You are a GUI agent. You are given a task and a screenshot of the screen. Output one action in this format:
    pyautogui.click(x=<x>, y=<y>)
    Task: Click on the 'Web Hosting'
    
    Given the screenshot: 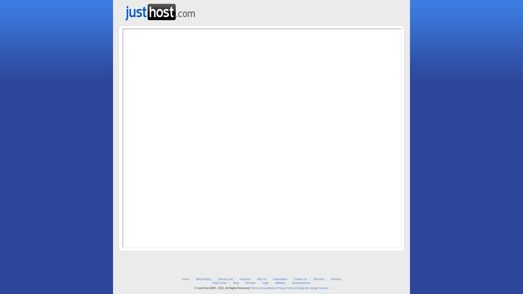 What is the action you would take?
    pyautogui.click(x=203, y=279)
    